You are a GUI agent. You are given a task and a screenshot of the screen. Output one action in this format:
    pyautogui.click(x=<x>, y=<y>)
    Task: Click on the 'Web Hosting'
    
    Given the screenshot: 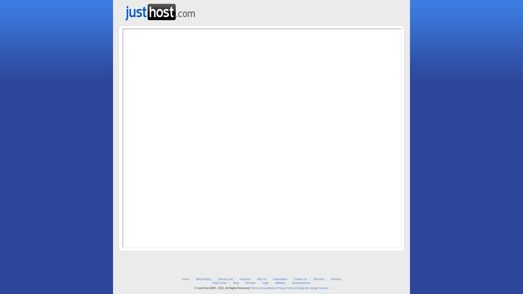 What is the action you would take?
    pyautogui.click(x=203, y=279)
    